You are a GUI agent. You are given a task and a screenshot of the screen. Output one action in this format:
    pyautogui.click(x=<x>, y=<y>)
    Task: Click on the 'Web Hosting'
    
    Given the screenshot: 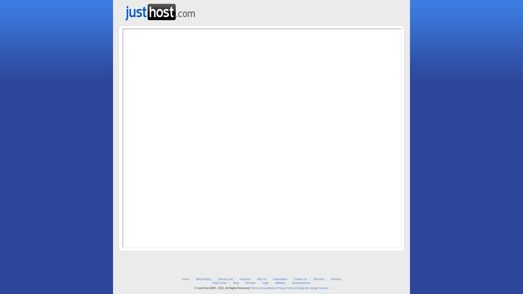 What is the action you would take?
    pyautogui.click(x=203, y=279)
    